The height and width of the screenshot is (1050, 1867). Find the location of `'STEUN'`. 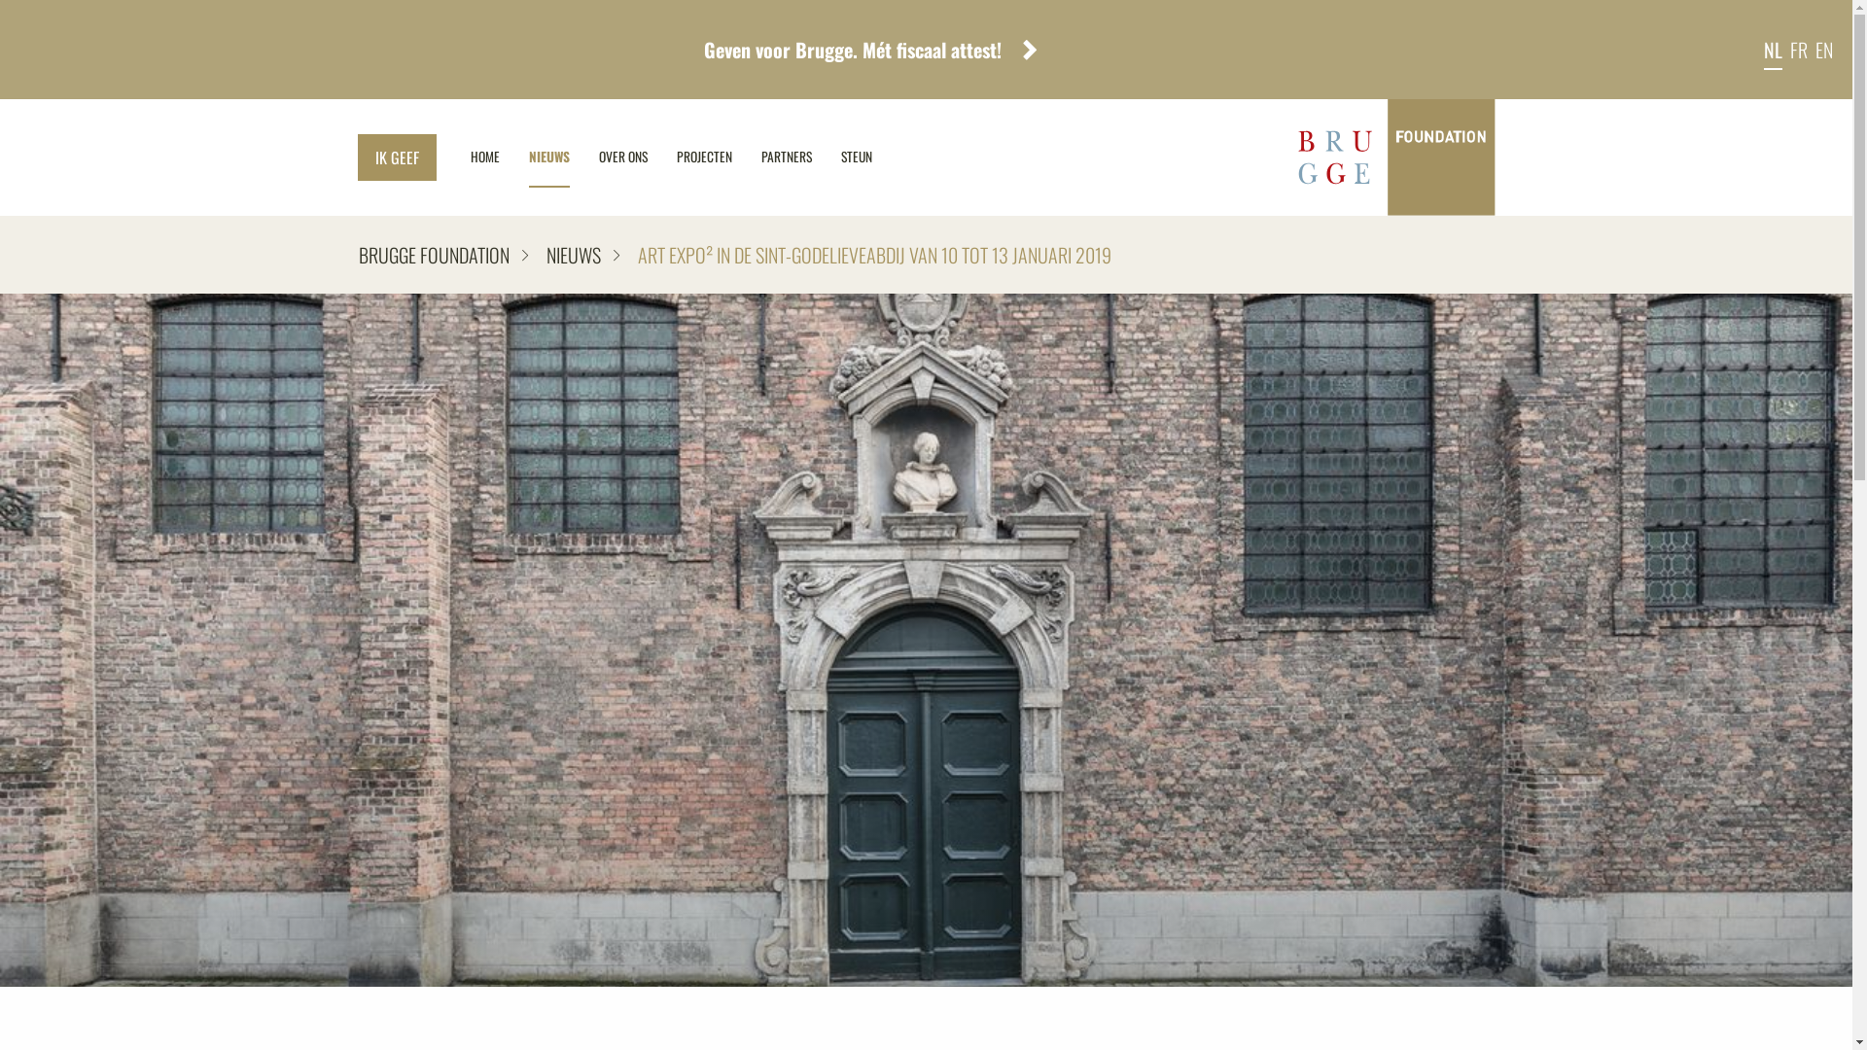

'STEUN' is located at coordinates (856, 157).